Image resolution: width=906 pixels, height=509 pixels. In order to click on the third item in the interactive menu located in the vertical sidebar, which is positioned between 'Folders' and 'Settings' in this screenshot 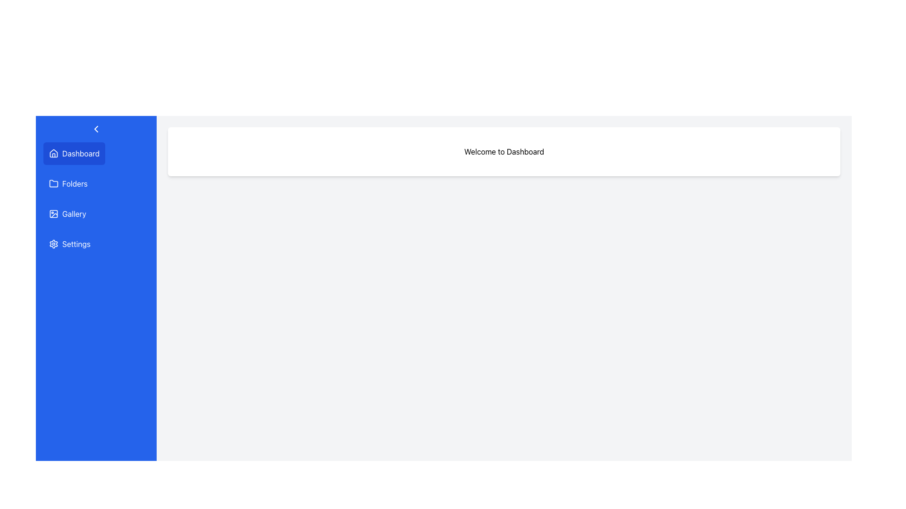, I will do `click(96, 198)`.